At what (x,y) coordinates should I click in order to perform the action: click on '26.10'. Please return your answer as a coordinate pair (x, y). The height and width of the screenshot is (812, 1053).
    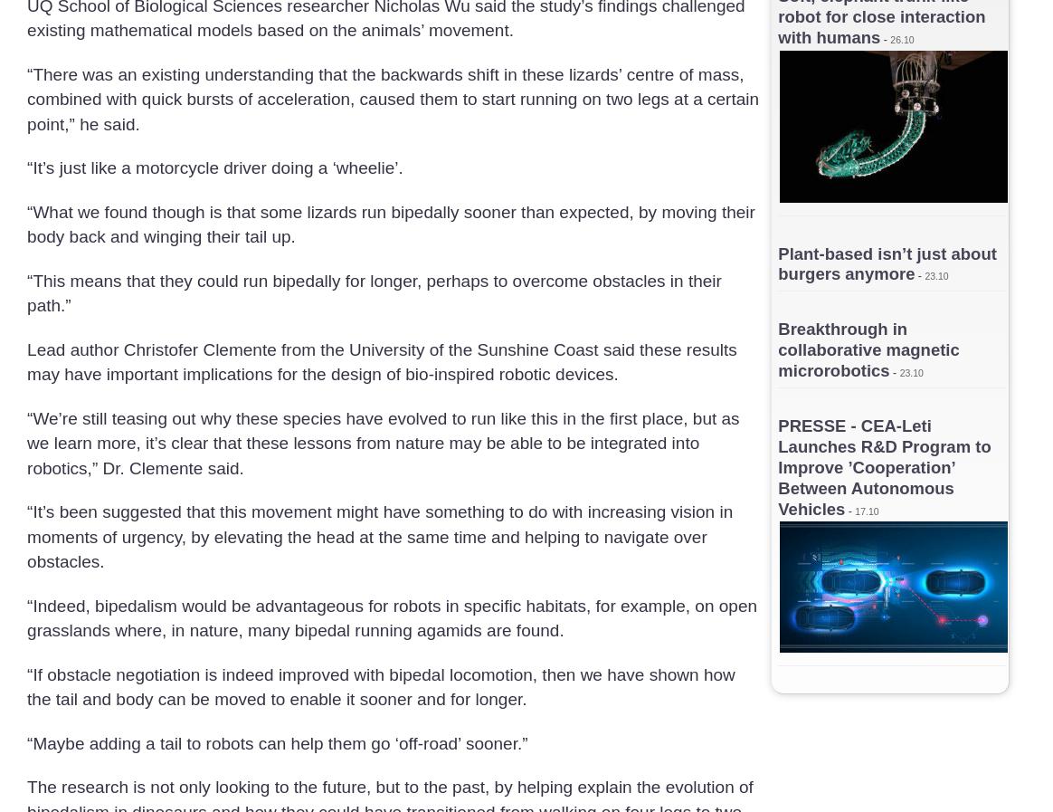
    Looking at the image, I should click on (901, 38).